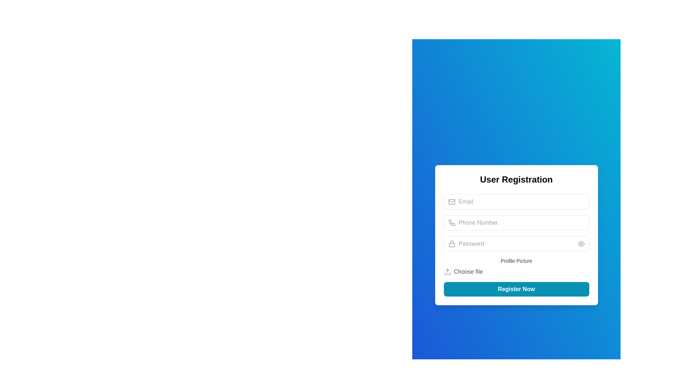  I want to click on the submission button located at the bottom of the 'User Registration' form, so click(516, 289).